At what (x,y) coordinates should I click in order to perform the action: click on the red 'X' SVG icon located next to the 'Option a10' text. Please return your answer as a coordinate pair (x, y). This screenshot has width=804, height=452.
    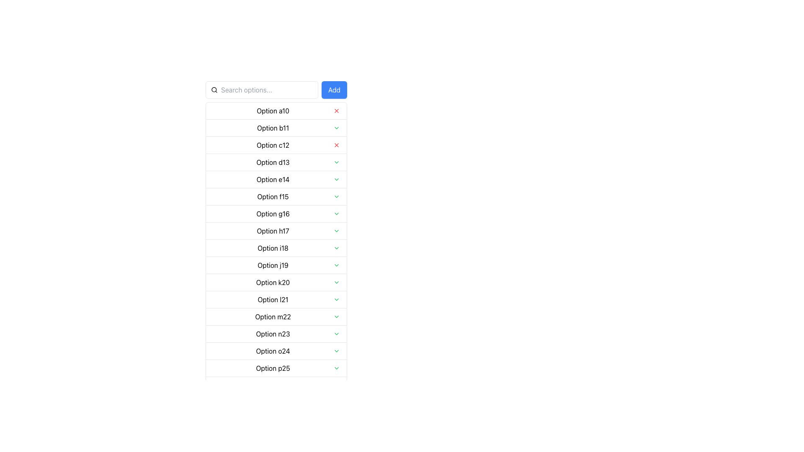
    Looking at the image, I should click on (337, 110).